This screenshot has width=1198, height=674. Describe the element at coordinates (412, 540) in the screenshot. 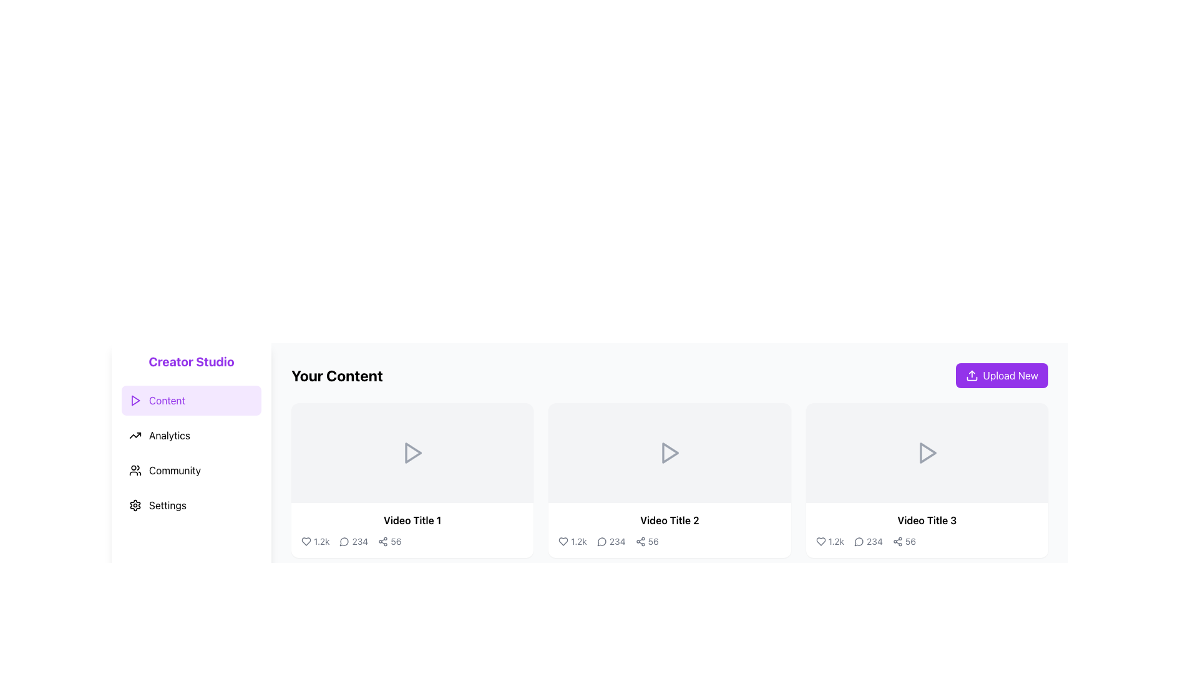

I see `Information display (metrics) element located below 'Video Title 1' to examine its content regarding likes, comments, and shares` at that location.